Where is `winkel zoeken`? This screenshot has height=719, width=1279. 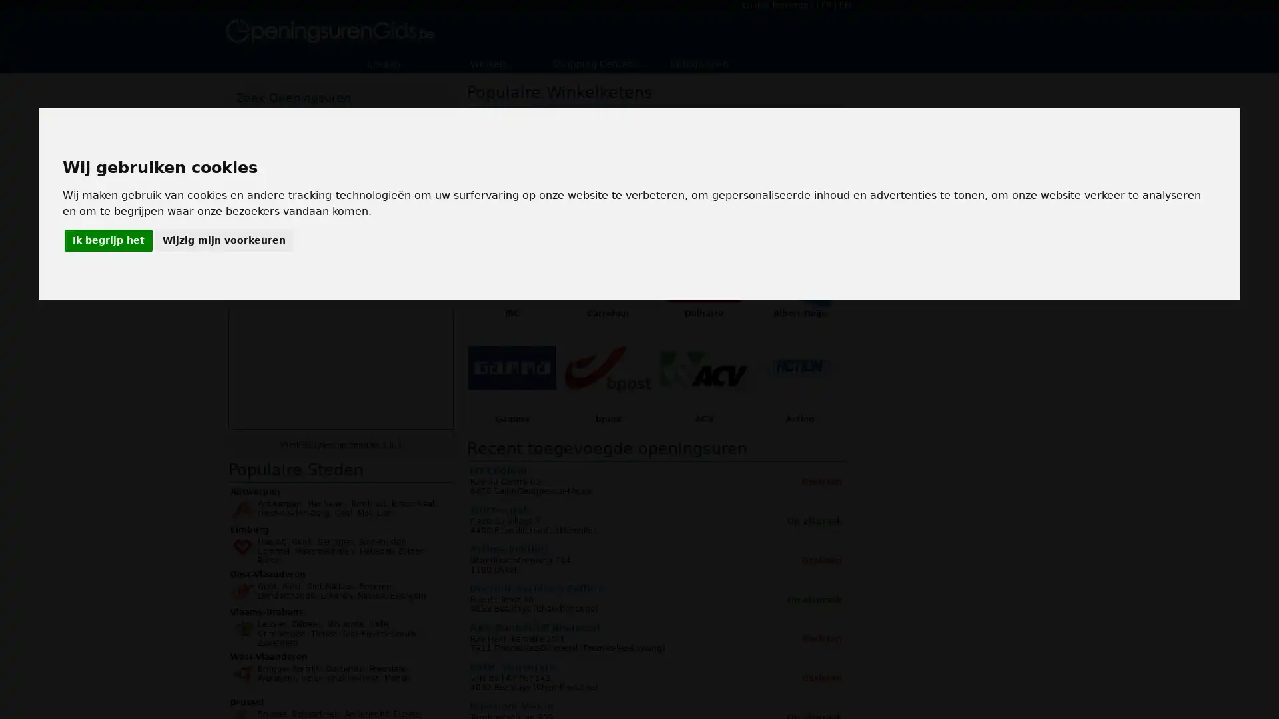 winkel zoeken is located at coordinates (402, 218).